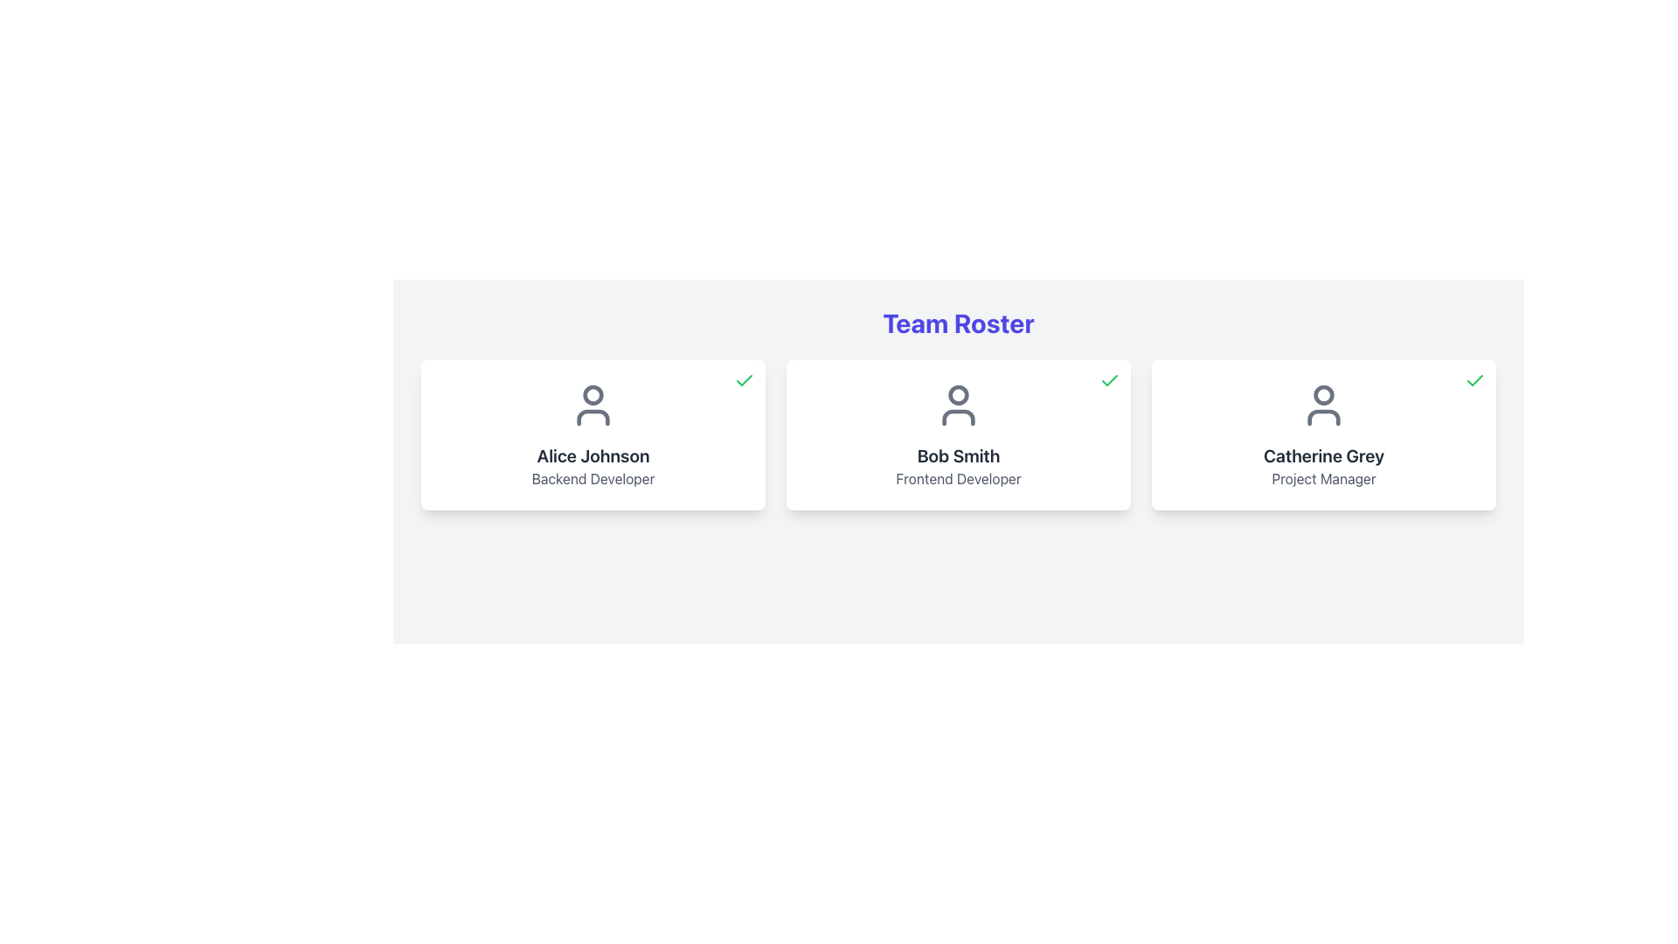 The image size is (1678, 944). Describe the element at coordinates (593, 394) in the screenshot. I see `the circular graphical element that represents the user's profile, which is located in the leftmost card above the user's name and role text` at that location.